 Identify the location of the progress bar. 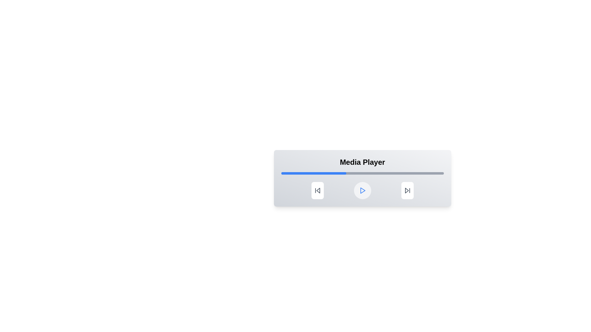
(346, 173).